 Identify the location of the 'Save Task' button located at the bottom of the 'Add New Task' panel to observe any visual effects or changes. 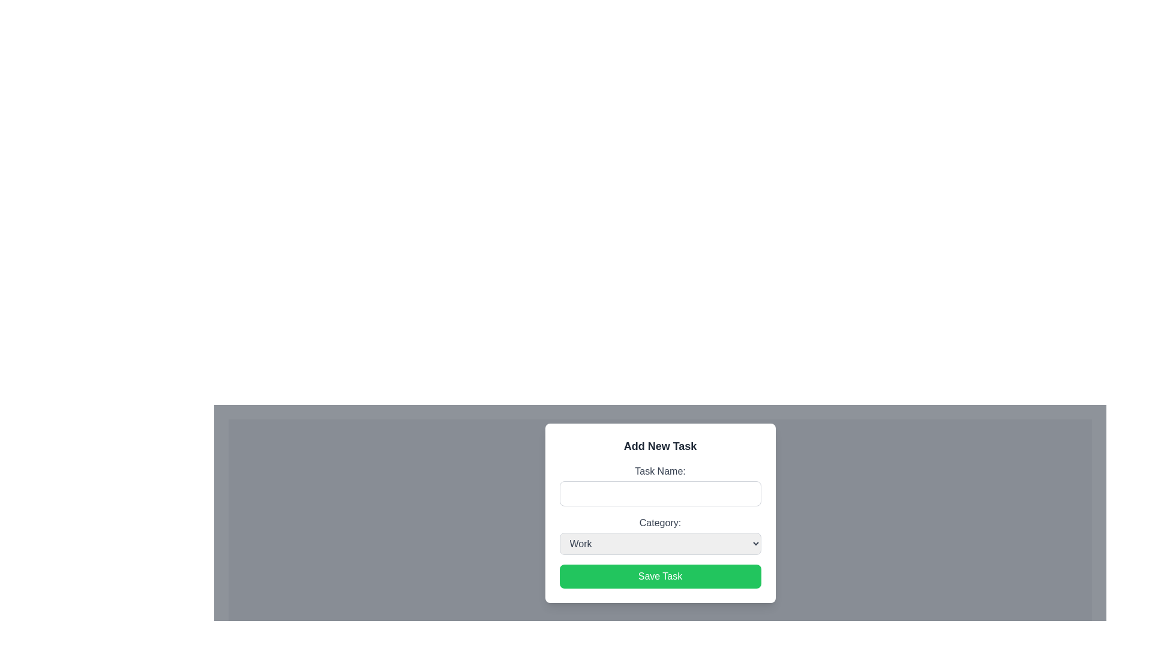
(659, 575).